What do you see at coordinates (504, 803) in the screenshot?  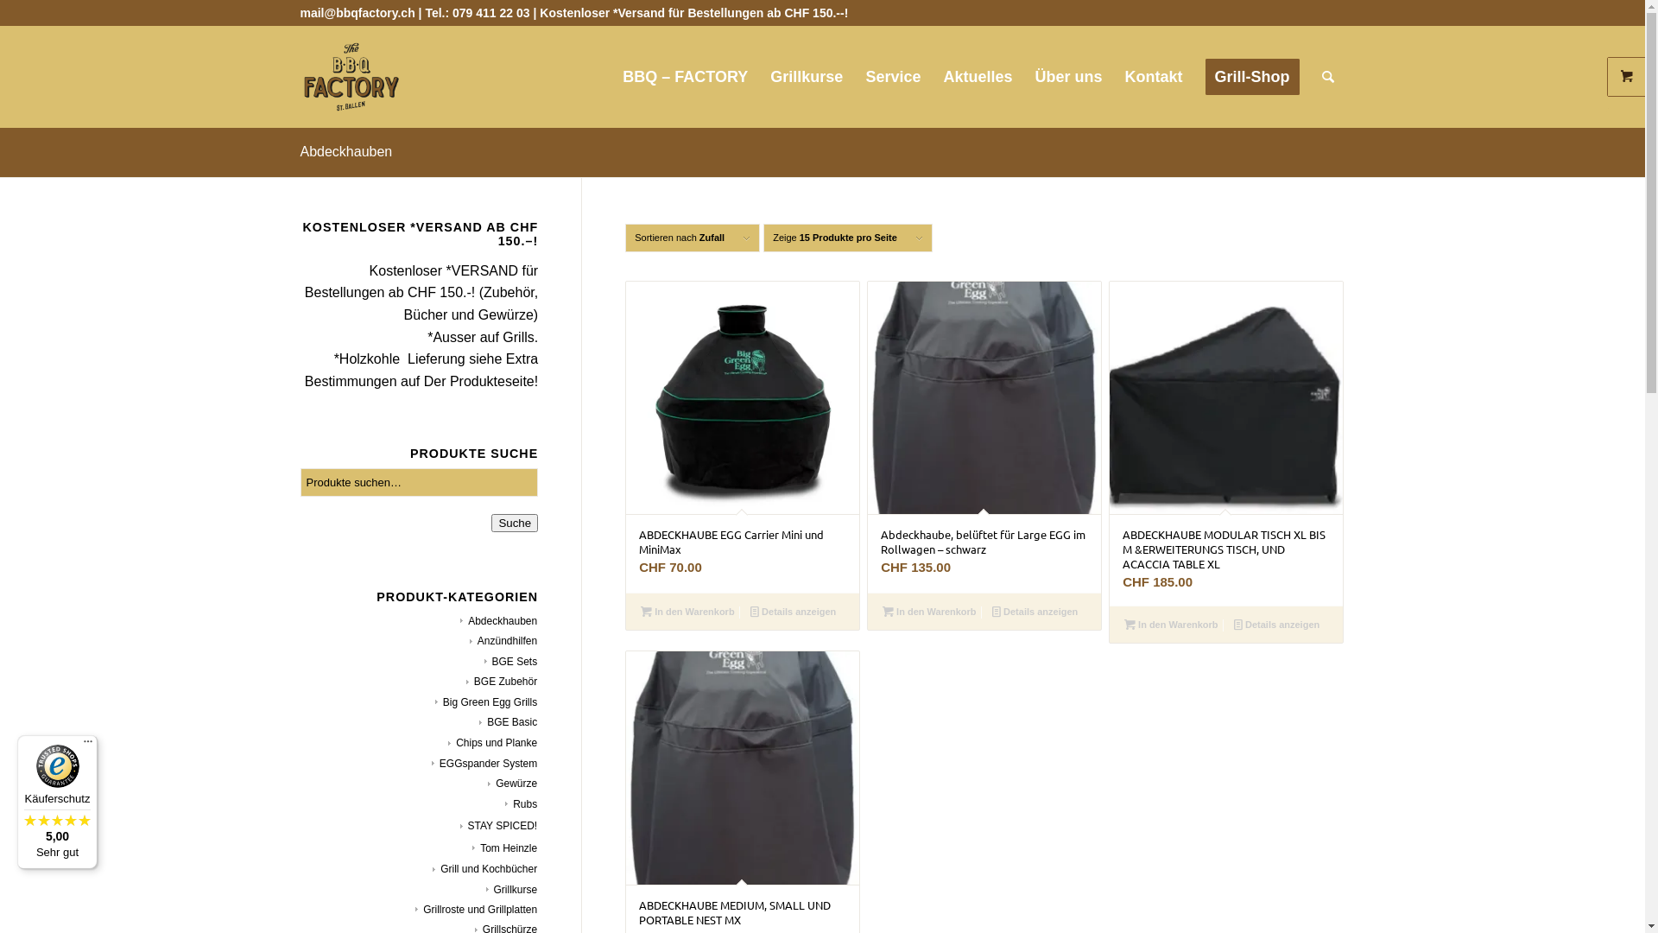 I see `'Rubs'` at bounding box center [504, 803].